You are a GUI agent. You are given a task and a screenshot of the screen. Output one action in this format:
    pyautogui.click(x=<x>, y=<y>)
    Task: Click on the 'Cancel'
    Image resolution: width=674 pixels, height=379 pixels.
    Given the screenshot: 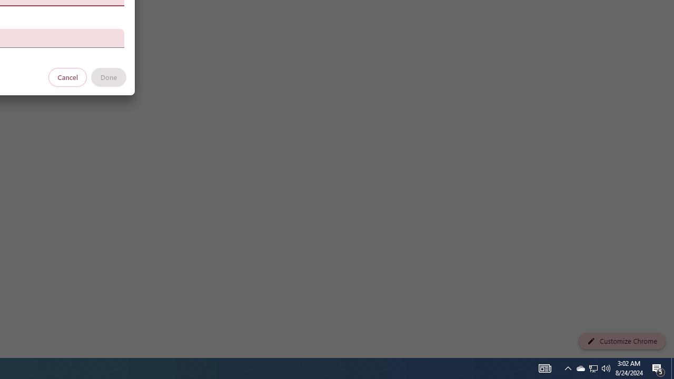 What is the action you would take?
    pyautogui.click(x=67, y=76)
    